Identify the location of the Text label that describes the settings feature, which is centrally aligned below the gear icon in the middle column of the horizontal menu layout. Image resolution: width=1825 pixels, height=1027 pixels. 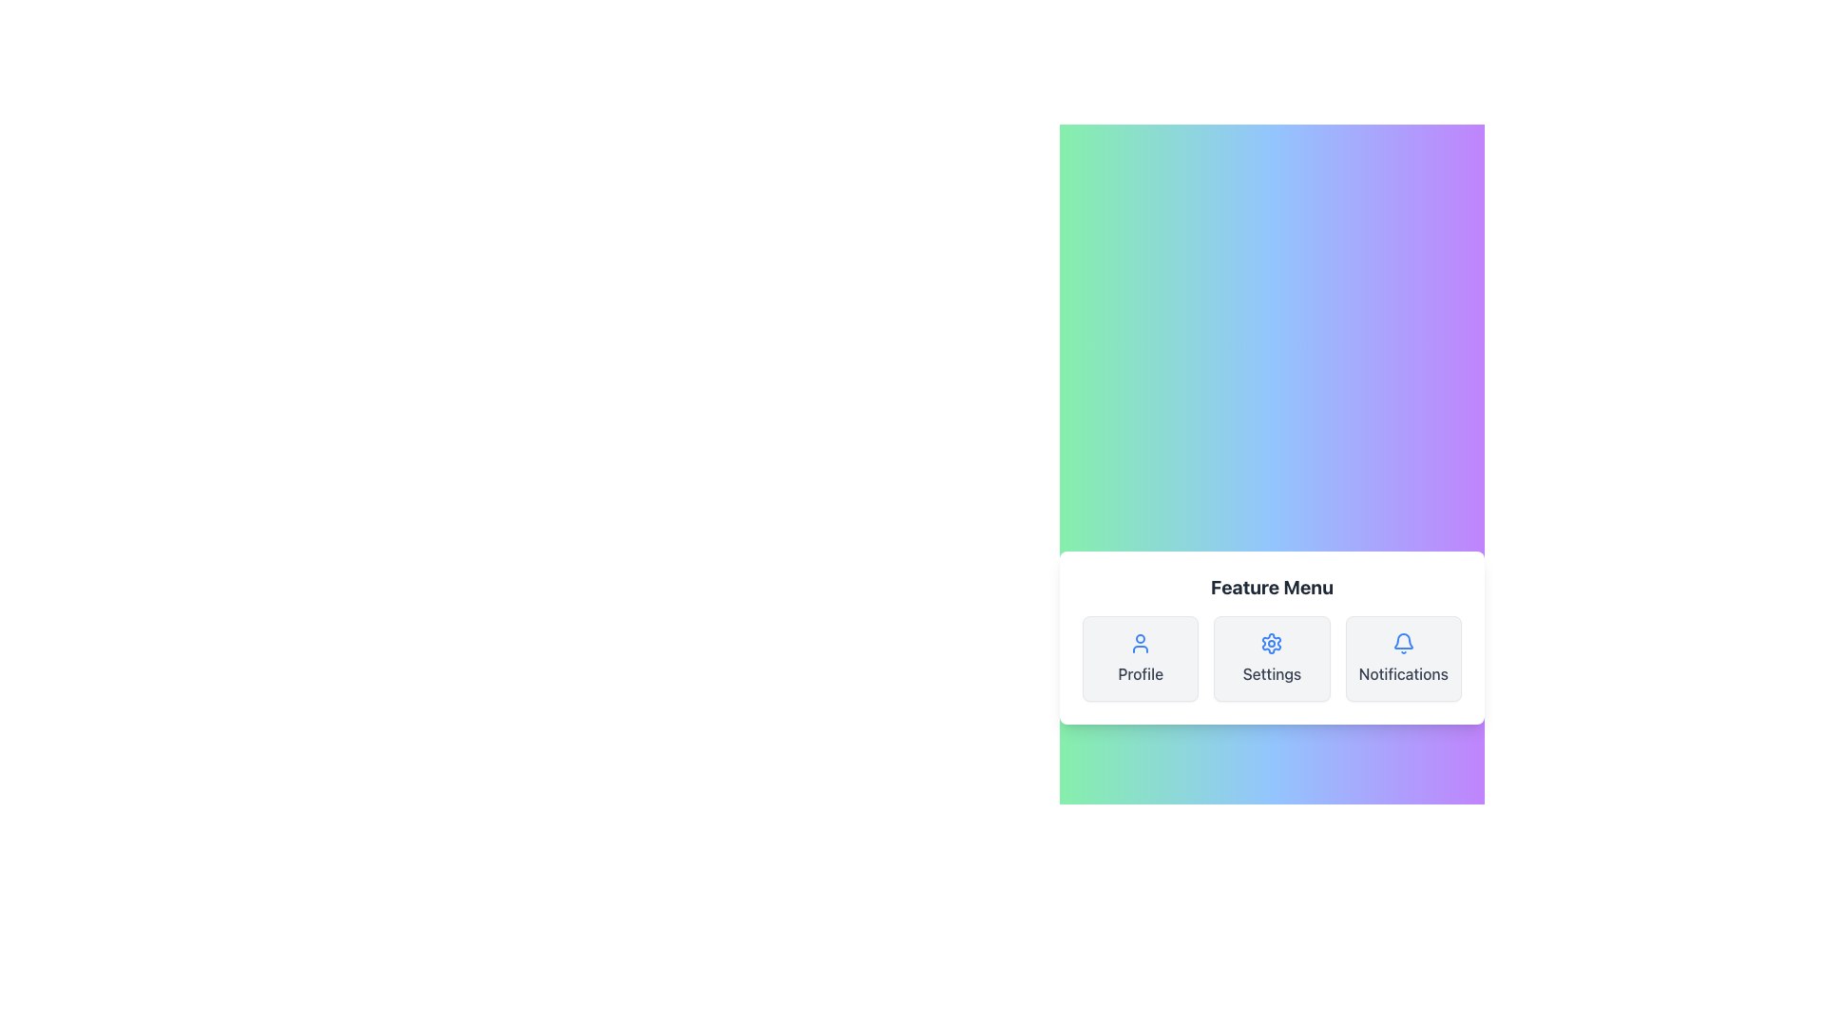
(1272, 673).